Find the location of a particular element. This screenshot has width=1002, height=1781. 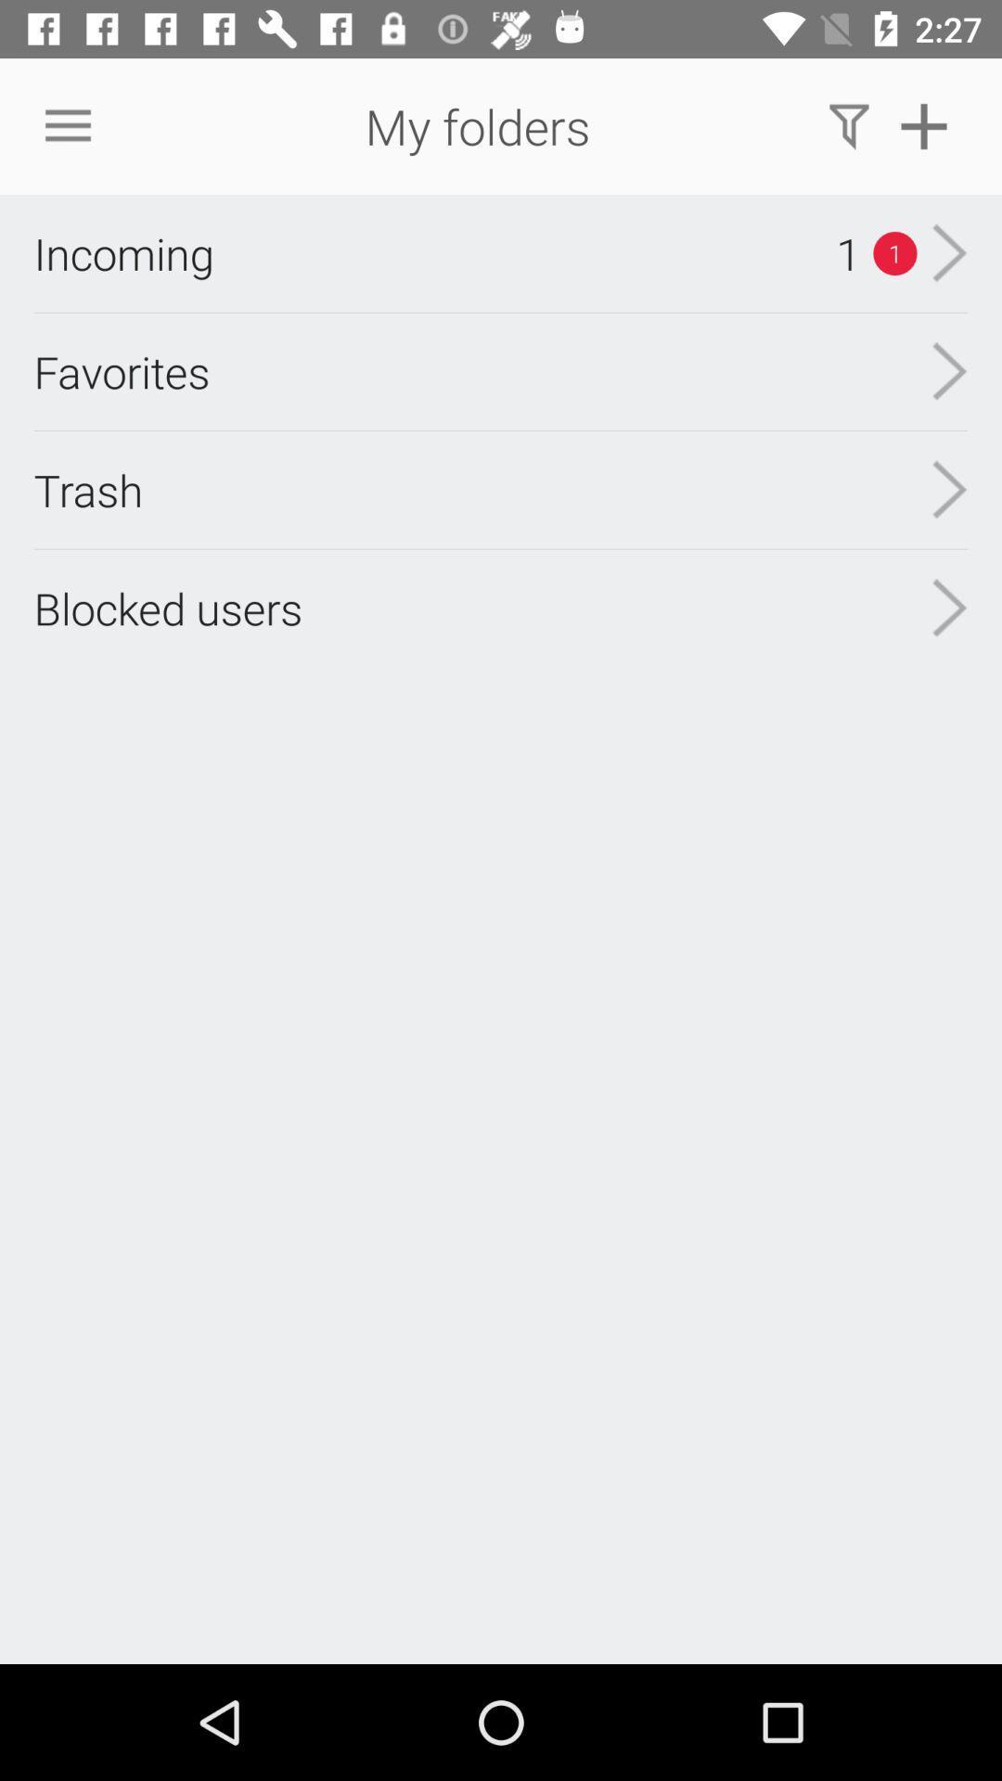

the item above the incoming item is located at coordinates (67, 125).